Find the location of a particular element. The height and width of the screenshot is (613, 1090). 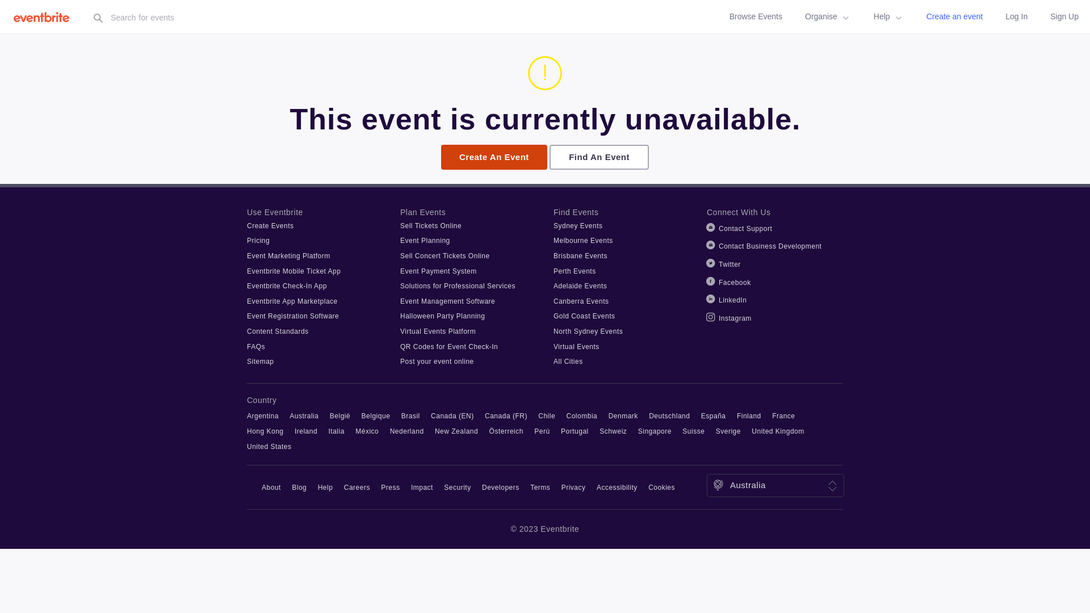

'Solutions for Professional Services' is located at coordinates (458, 285).